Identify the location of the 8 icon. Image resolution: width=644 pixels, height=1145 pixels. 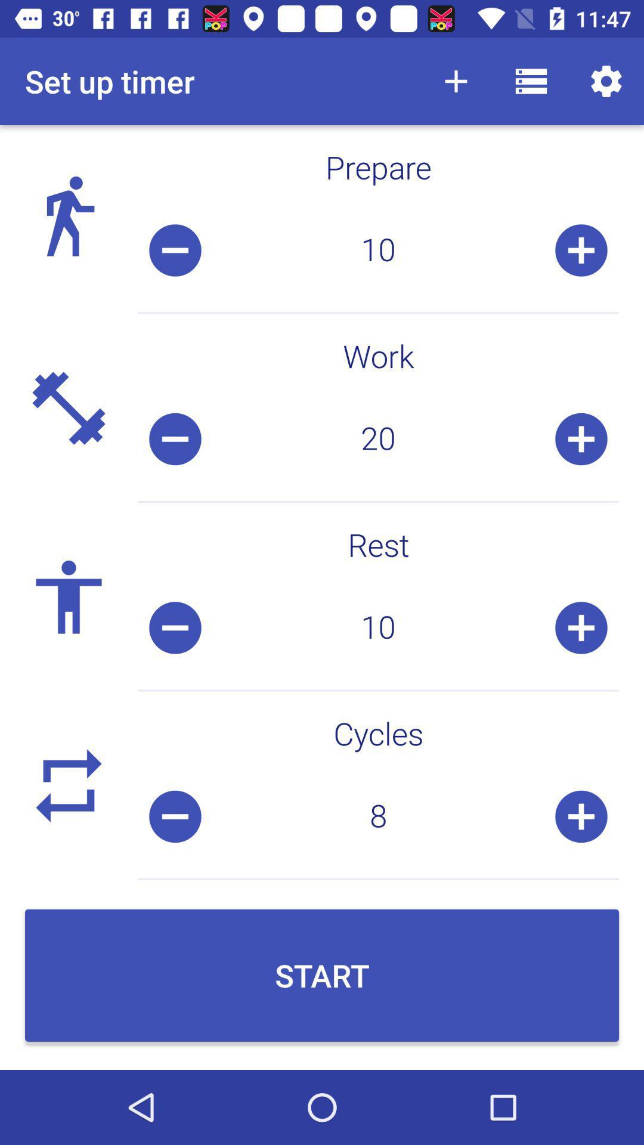
(378, 816).